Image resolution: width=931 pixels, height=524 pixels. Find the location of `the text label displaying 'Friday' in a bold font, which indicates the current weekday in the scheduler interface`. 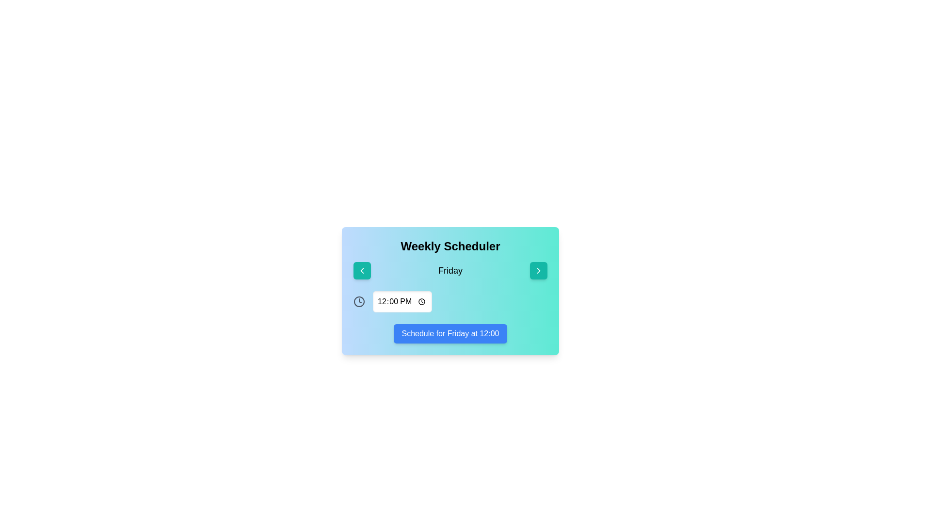

the text label displaying 'Friday' in a bold font, which indicates the current weekday in the scheduler interface is located at coordinates (449, 271).